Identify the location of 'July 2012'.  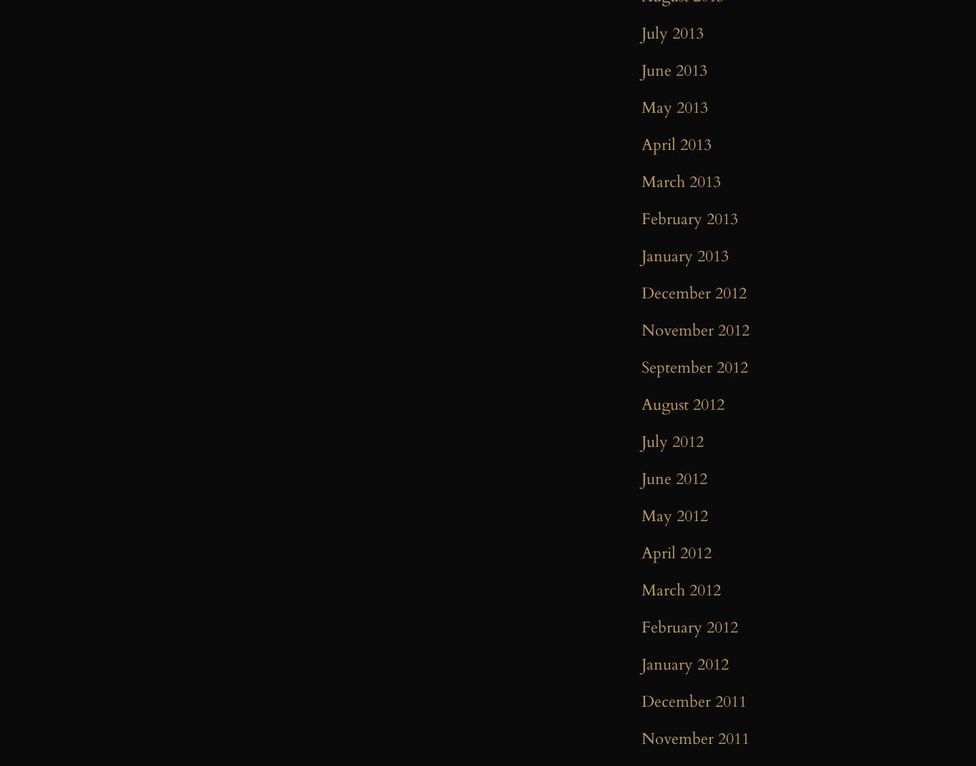
(672, 441).